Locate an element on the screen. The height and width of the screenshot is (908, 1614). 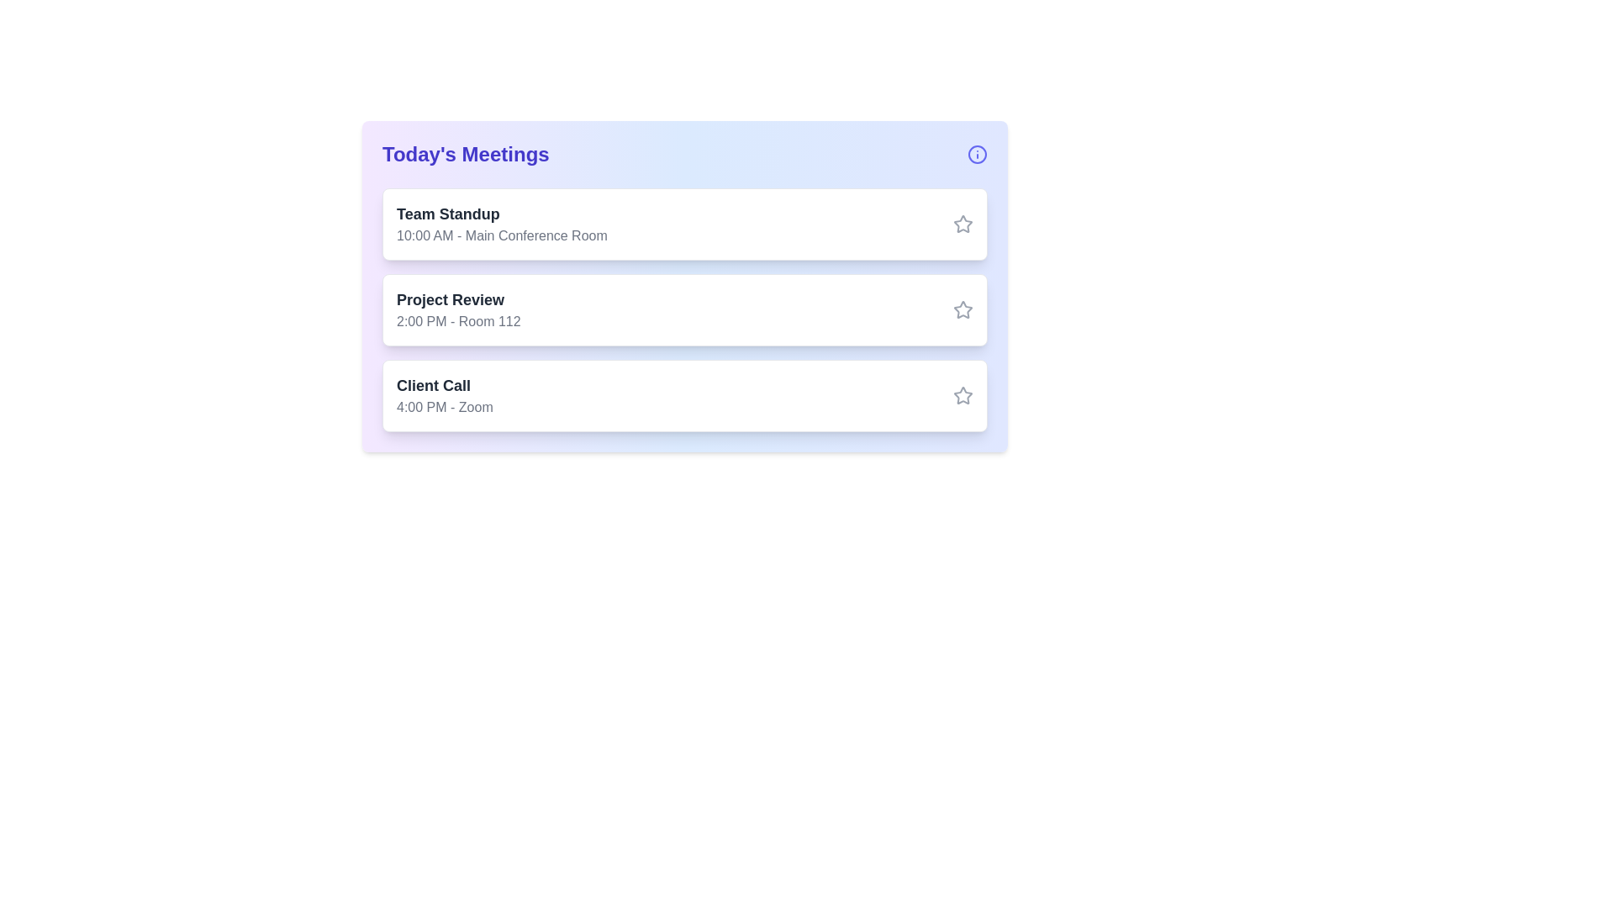
the interactive star icon located in the top-right corner of the first card in the displayed list is located at coordinates (963, 223).